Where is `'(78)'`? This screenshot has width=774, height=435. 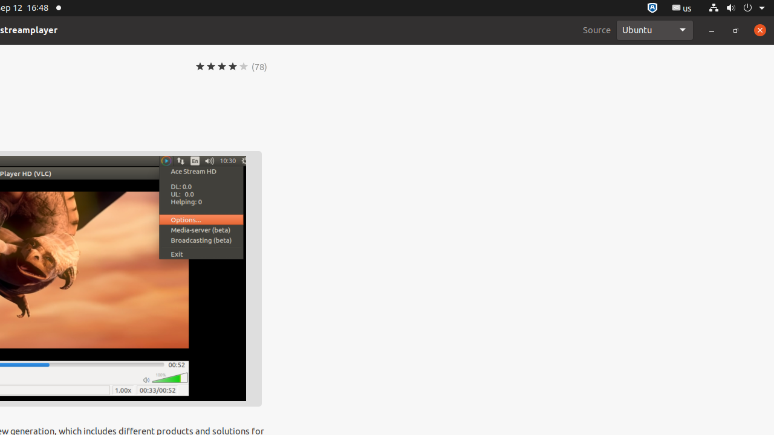 '(78)' is located at coordinates (259, 66).